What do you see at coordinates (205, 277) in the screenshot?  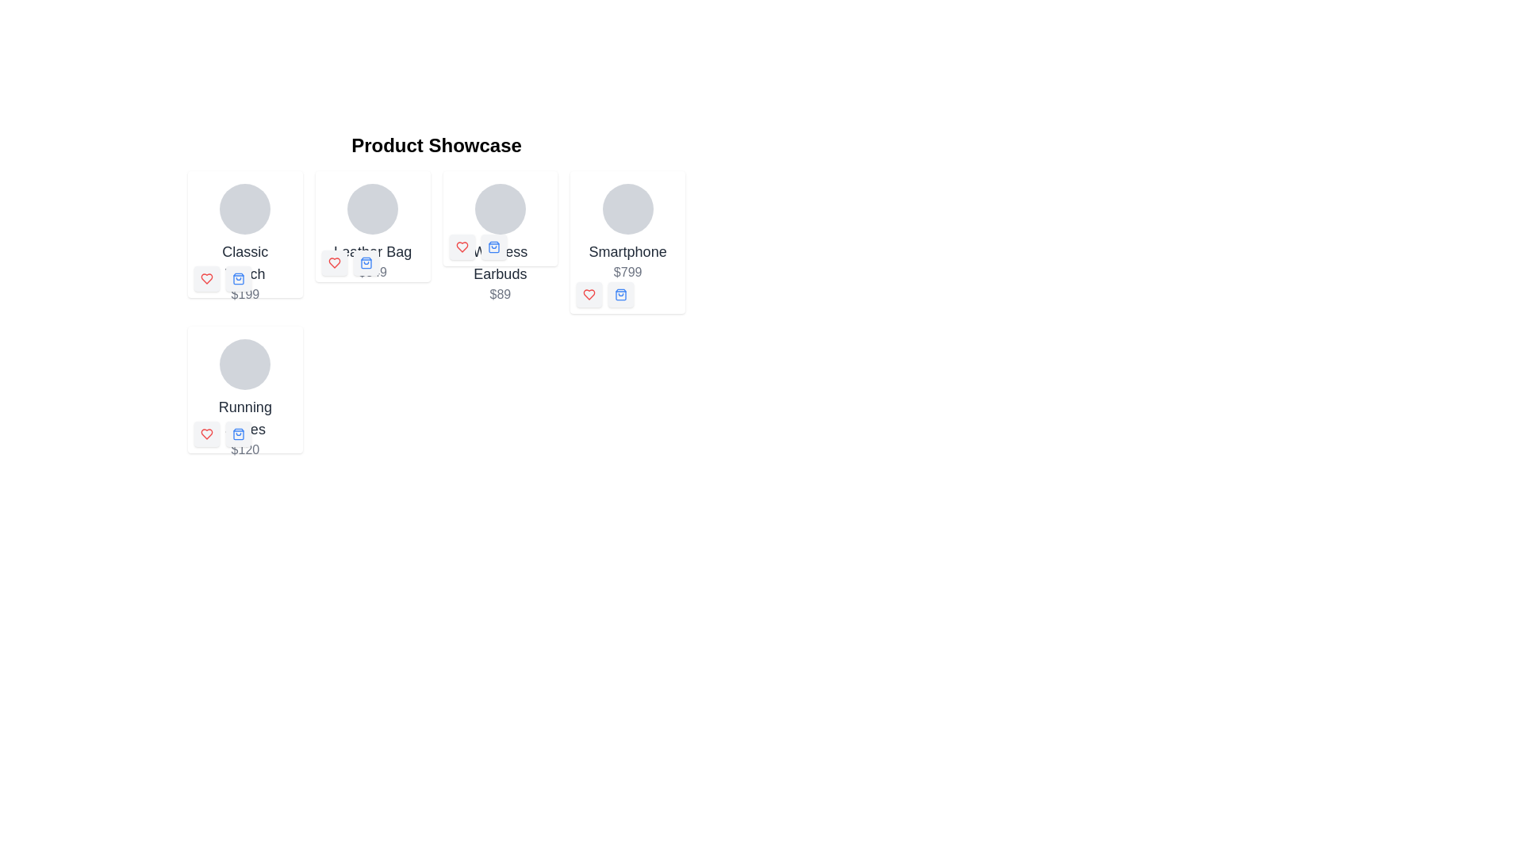 I see `the small, rounded rectangular button with a gray background and a red heart icon, located in the bottom-left corner of the 'Classic Watch' card` at bounding box center [205, 277].